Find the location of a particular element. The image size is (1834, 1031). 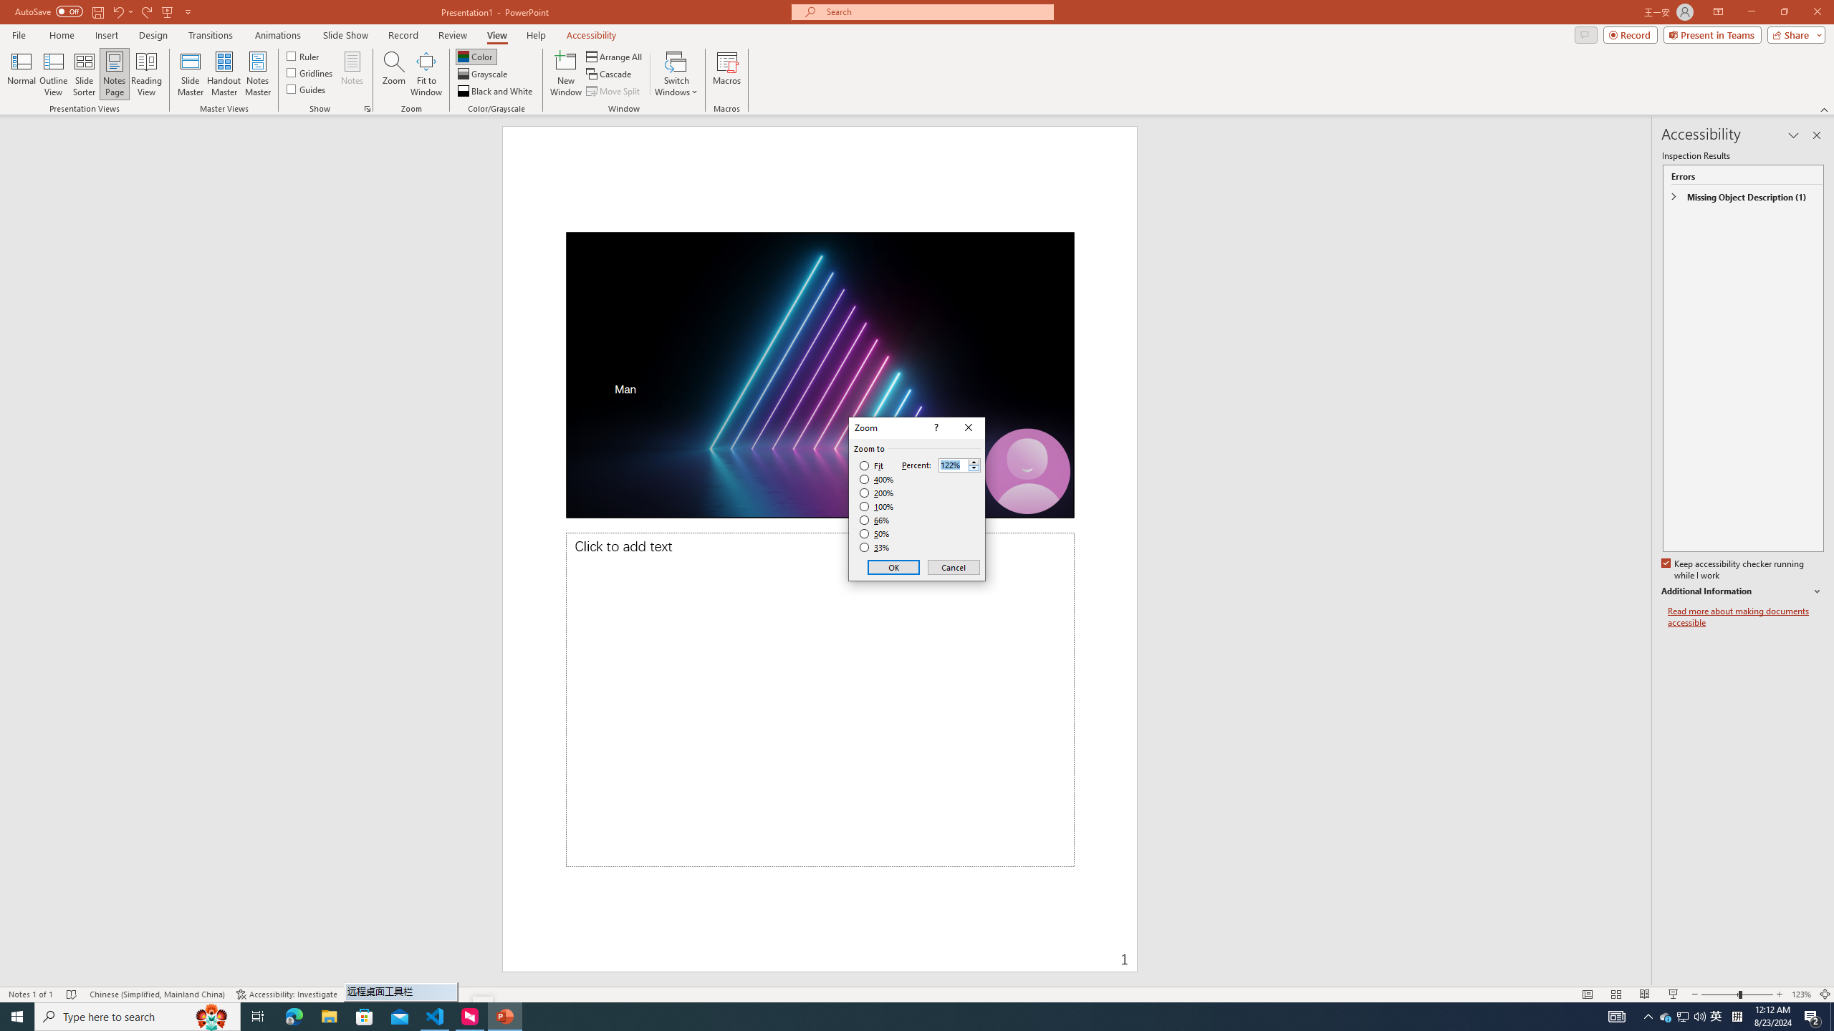

'Gridlines' is located at coordinates (309, 71).